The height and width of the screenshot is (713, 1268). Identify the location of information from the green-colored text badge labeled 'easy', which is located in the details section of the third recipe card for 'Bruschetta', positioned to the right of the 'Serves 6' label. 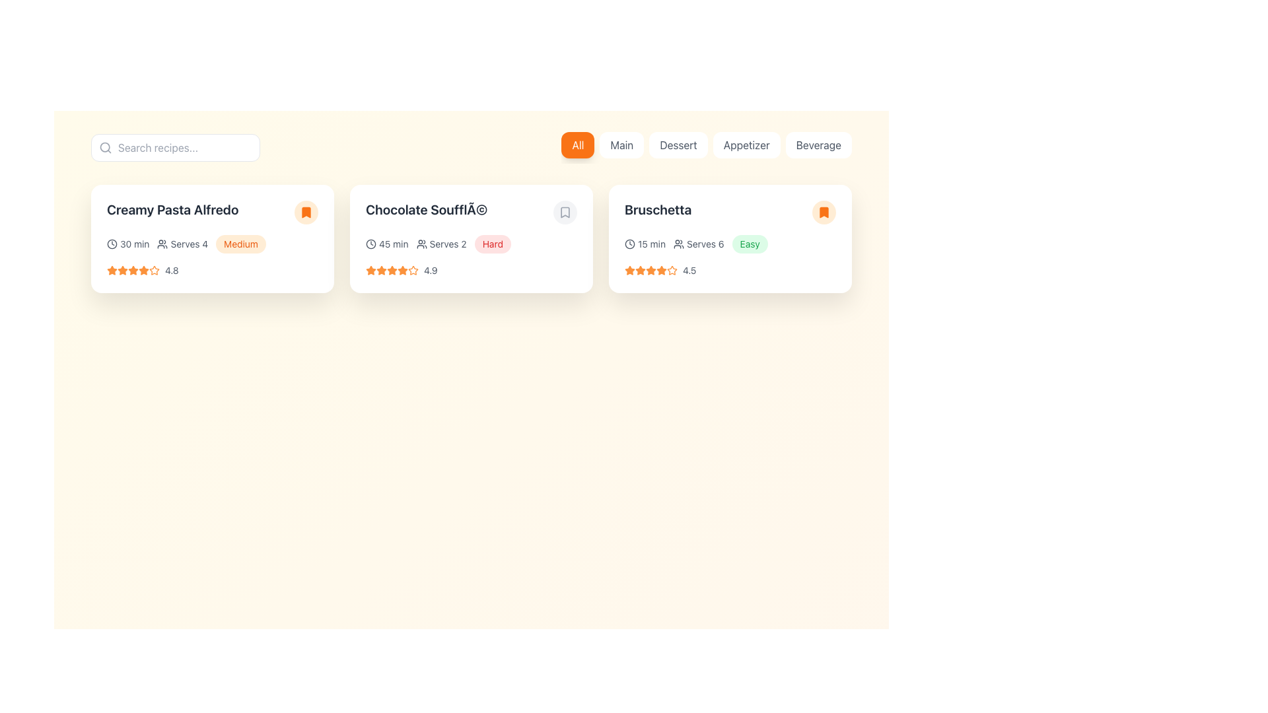
(750, 244).